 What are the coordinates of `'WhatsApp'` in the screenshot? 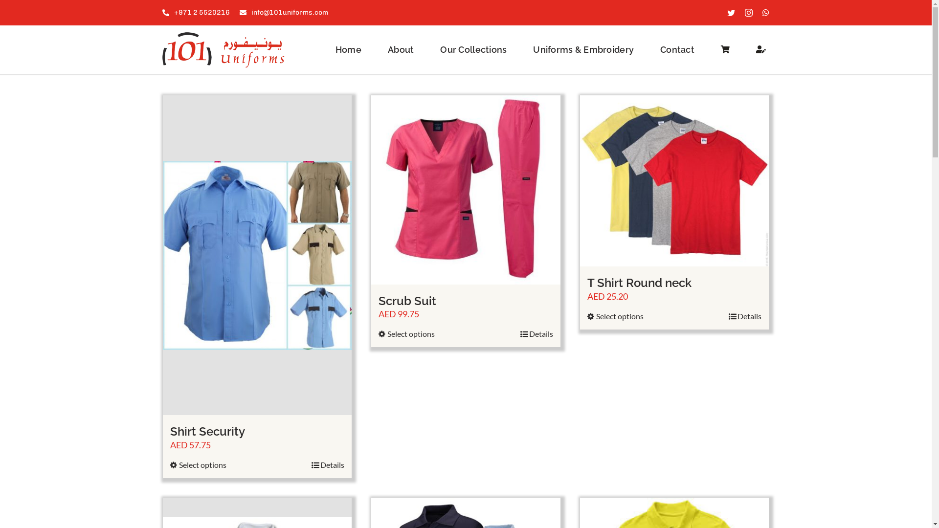 It's located at (765, 13).